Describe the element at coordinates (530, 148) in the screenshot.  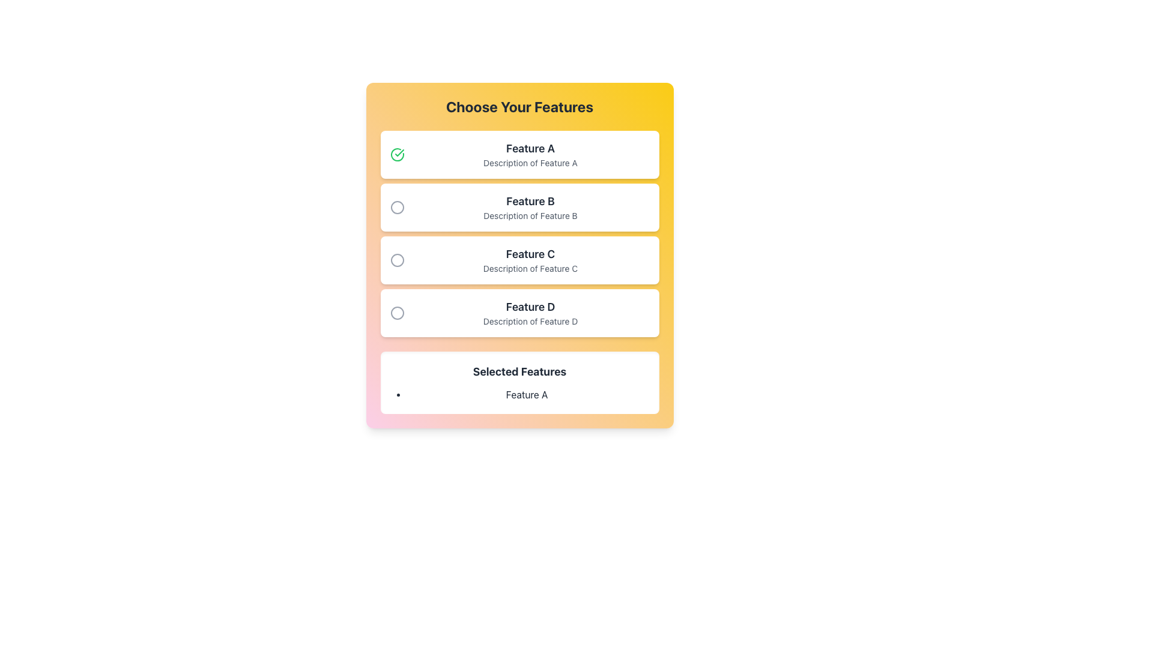
I see `the 'Feature A' label, which is the title of the first item in the vertical list of feature options` at that location.